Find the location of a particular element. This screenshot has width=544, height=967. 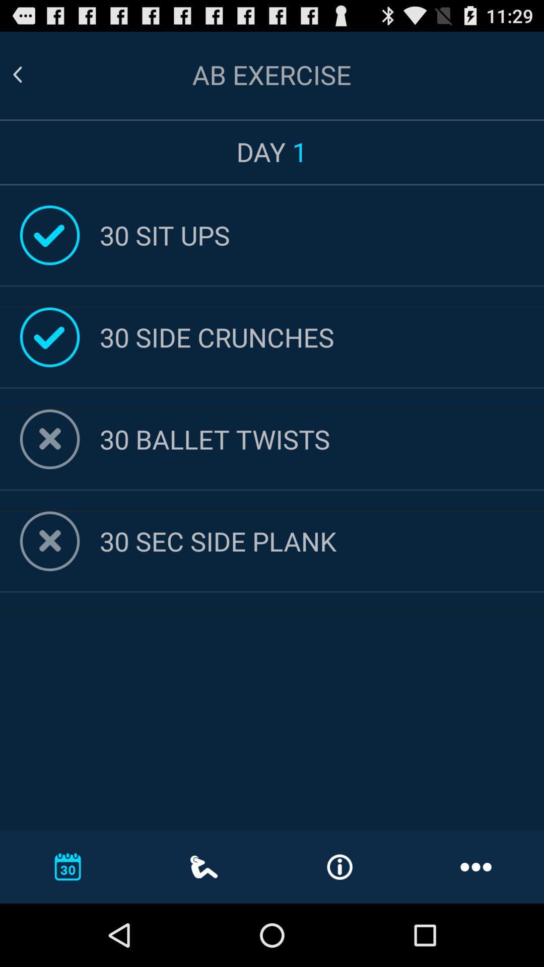

the calendar icon at the bottom left corner of the web page is located at coordinates (68, 866).